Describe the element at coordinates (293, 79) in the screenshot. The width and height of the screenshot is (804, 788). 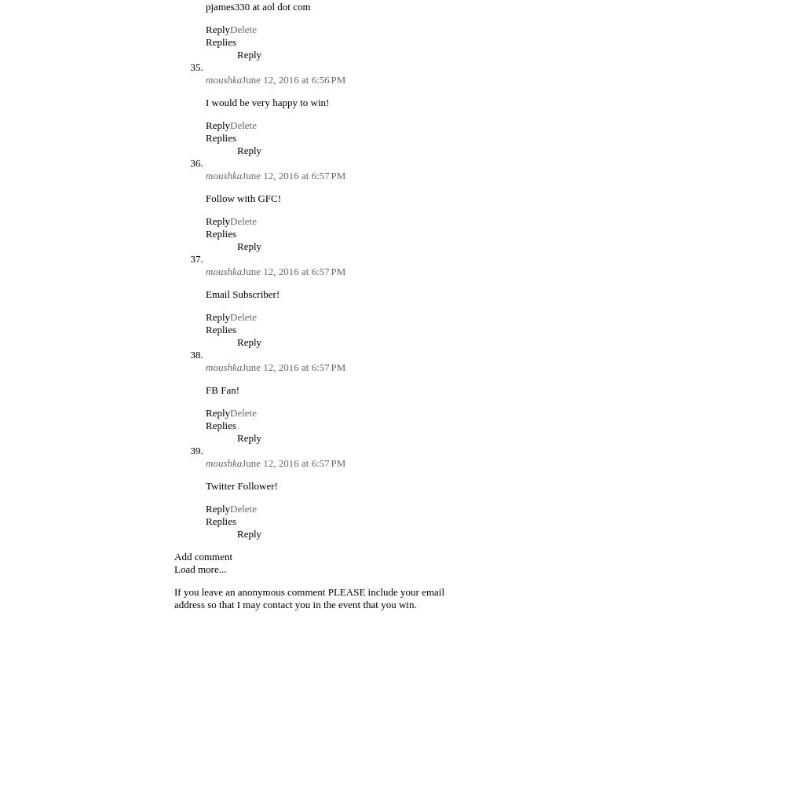
I see `'June 12, 2016 at 6:56 PM'` at that location.